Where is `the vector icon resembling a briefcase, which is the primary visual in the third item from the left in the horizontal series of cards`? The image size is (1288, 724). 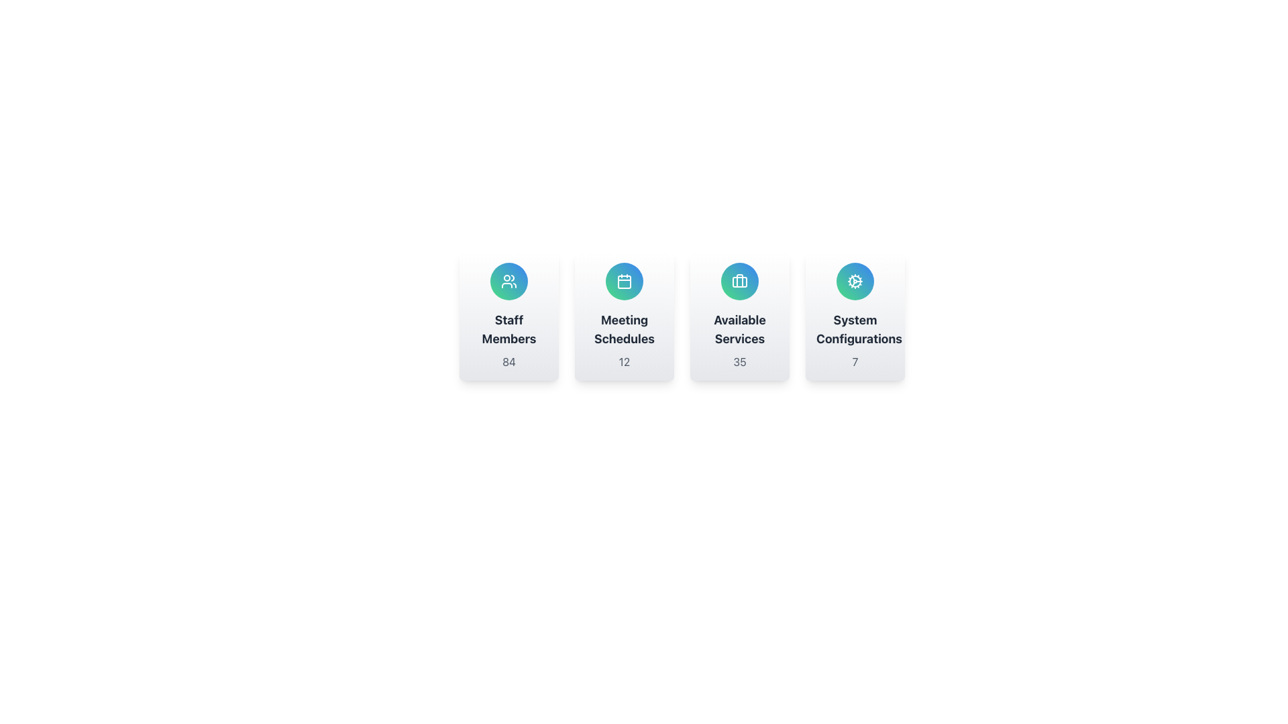 the vector icon resembling a briefcase, which is the primary visual in the third item from the left in the horizontal series of cards is located at coordinates (739, 281).